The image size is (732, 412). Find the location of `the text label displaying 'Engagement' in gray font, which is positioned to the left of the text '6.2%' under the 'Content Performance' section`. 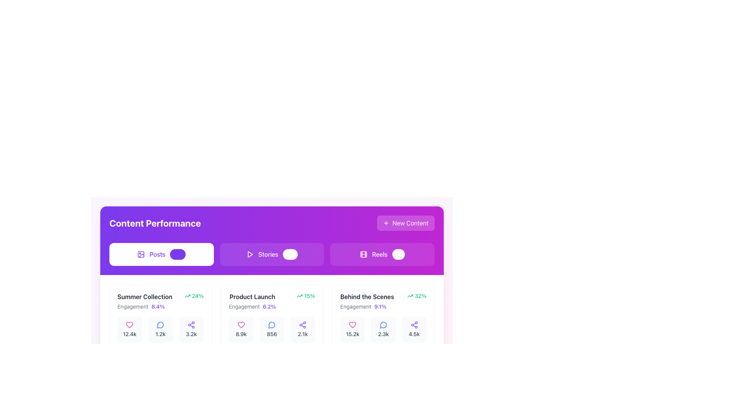

the text label displaying 'Engagement' in gray font, which is positioned to the left of the text '6.2%' under the 'Content Performance' section is located at coordinates (244, 306).